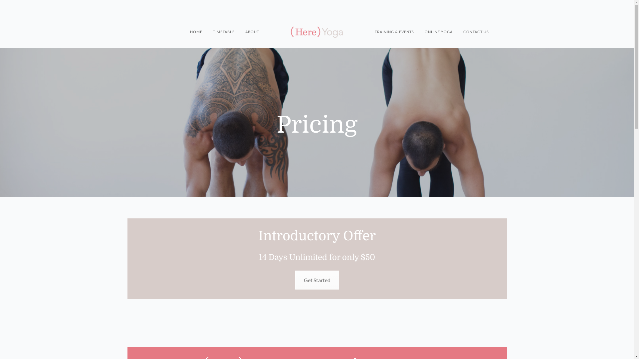  Describe the element at coordinates (439, 25) in the screenshot. I see `'ONLINE YOGA'` at that location.